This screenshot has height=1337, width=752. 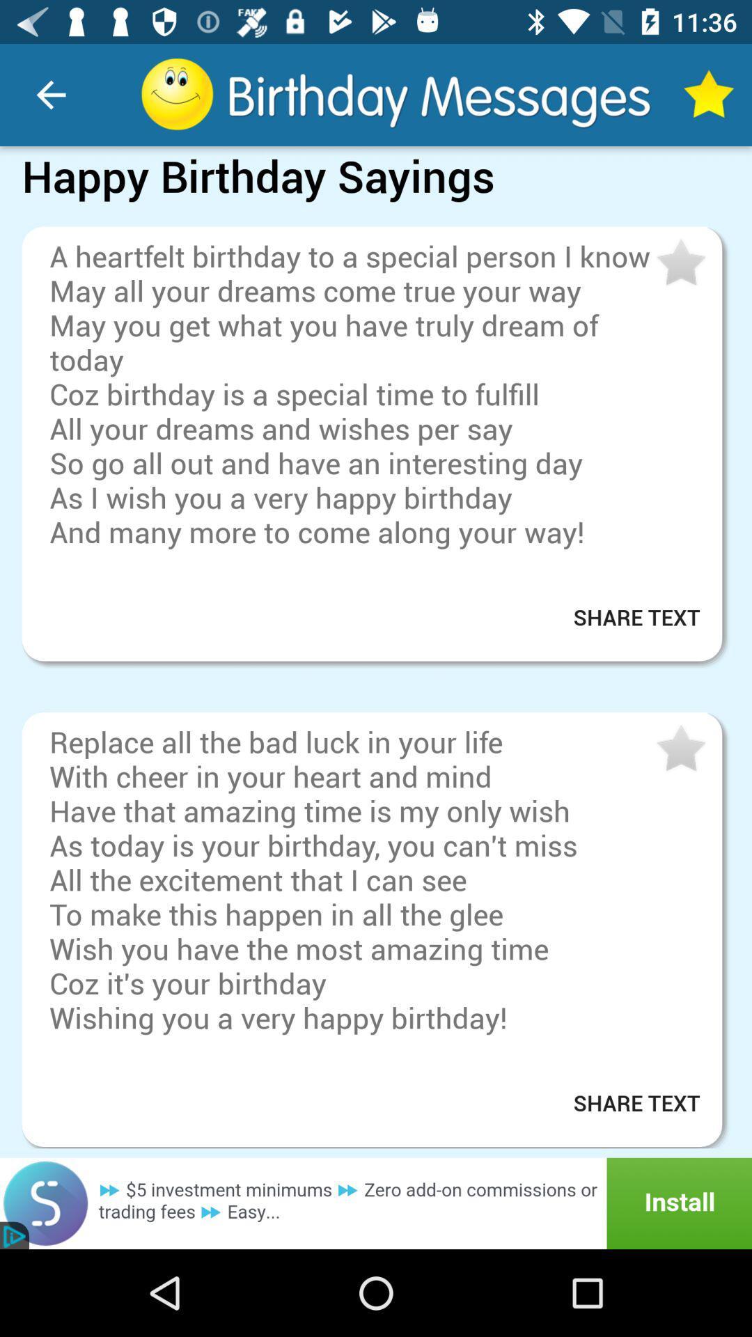 What do you see at coordinates (679, 748) in the screenshot?
I see `birthday saying` at bounding box center [679, 748].